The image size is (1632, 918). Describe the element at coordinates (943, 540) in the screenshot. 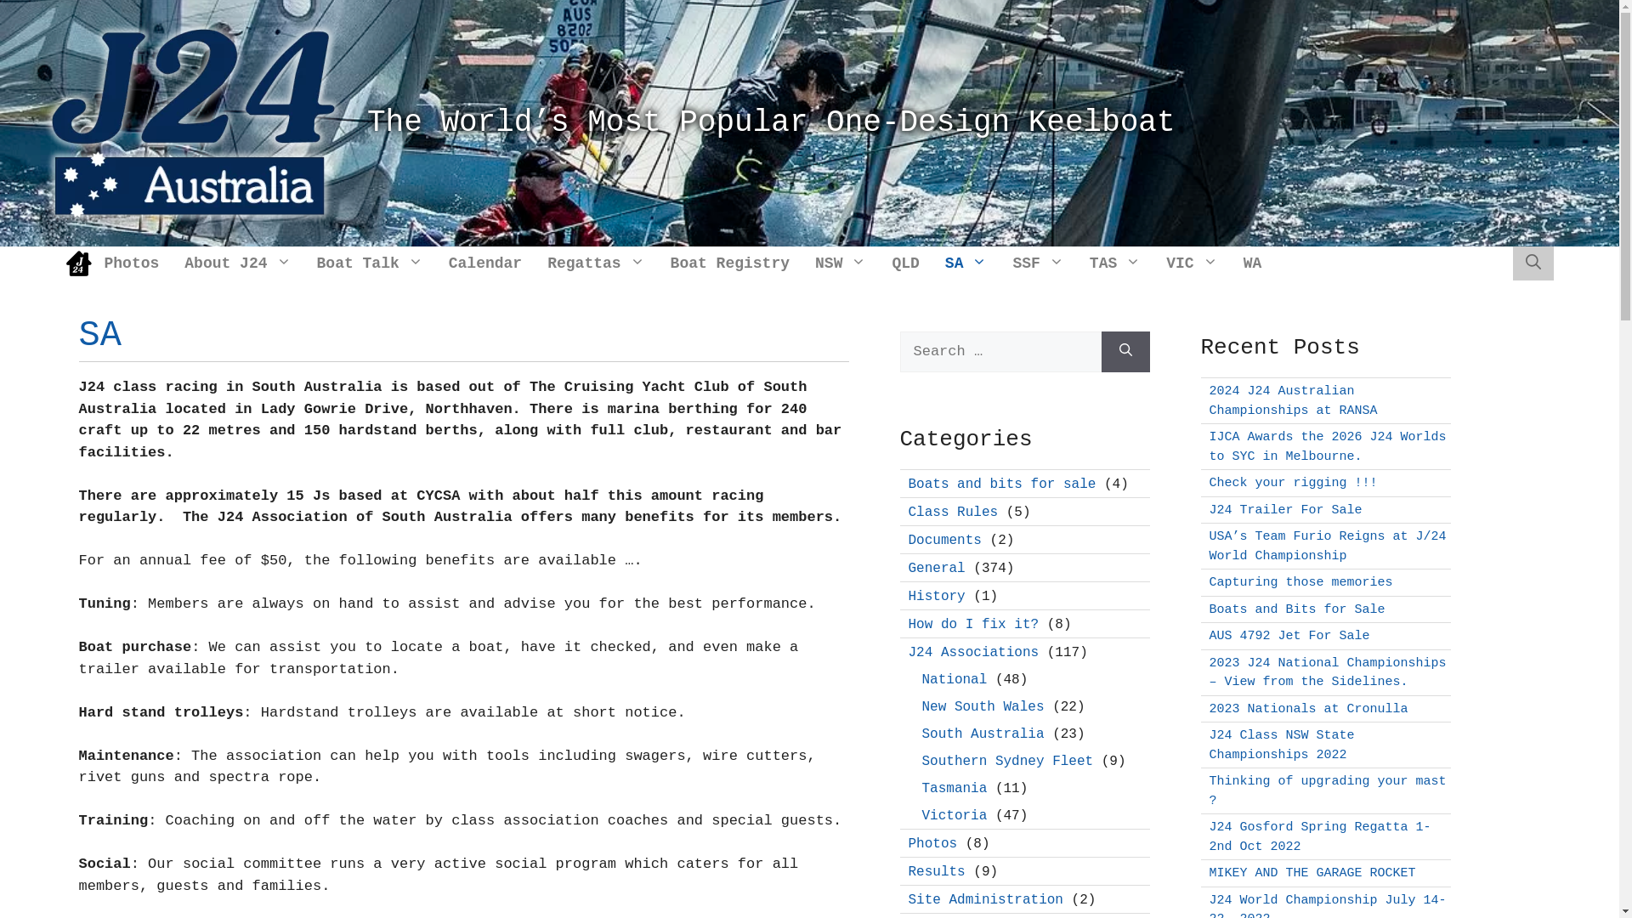

I see `'Documents'` at that location.